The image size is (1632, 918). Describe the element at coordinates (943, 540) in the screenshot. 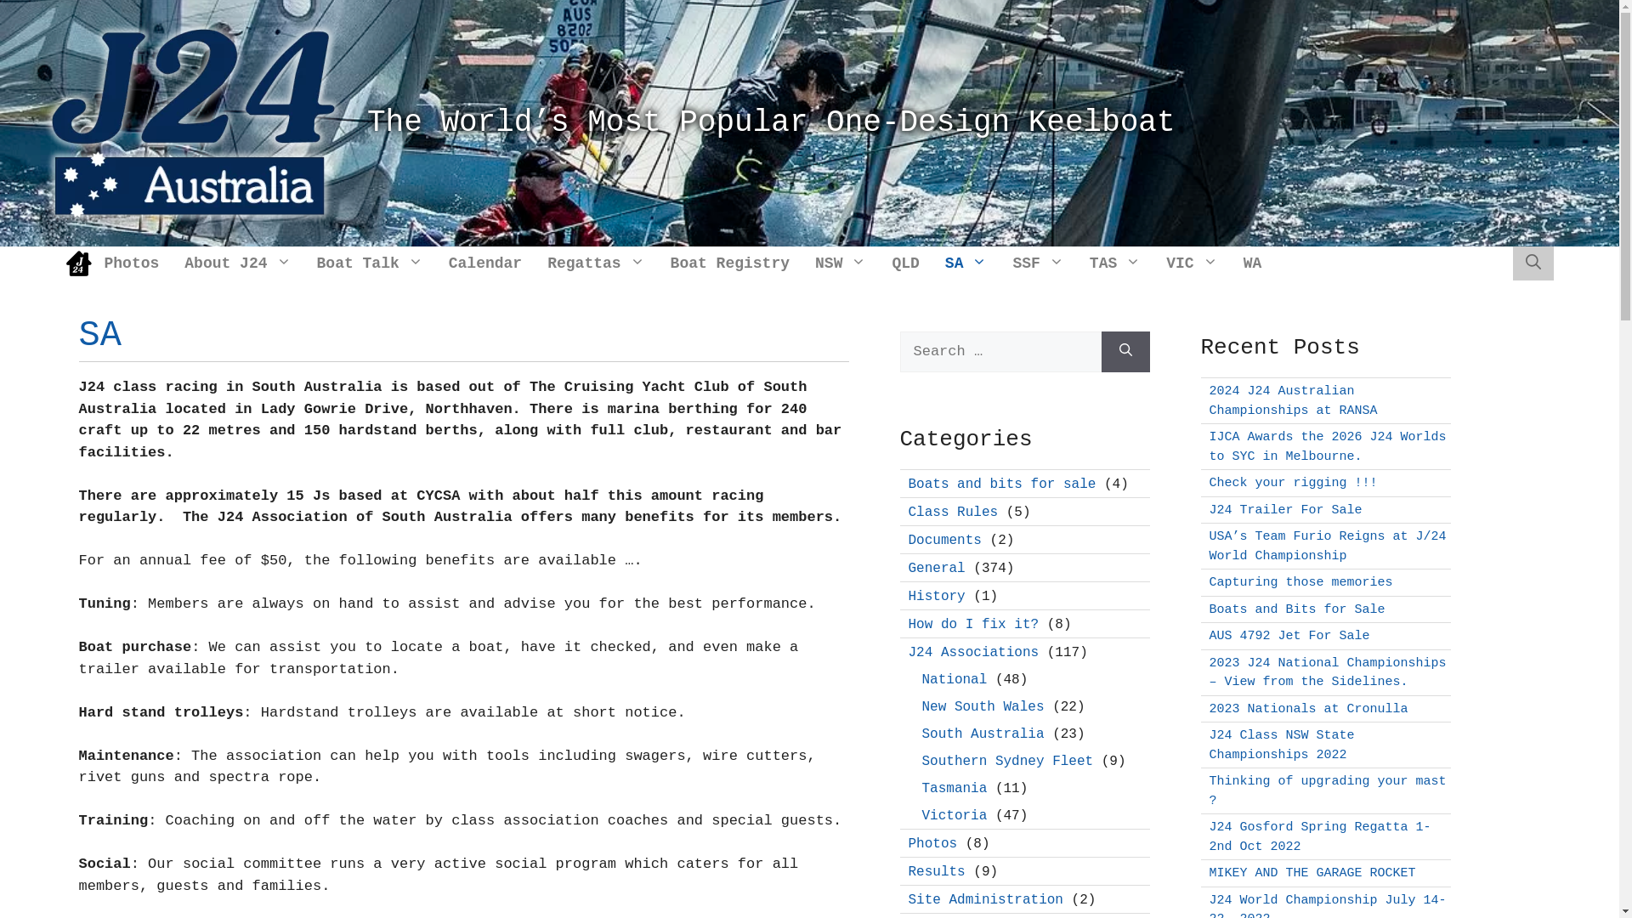

I see `'Documents'` at that location.